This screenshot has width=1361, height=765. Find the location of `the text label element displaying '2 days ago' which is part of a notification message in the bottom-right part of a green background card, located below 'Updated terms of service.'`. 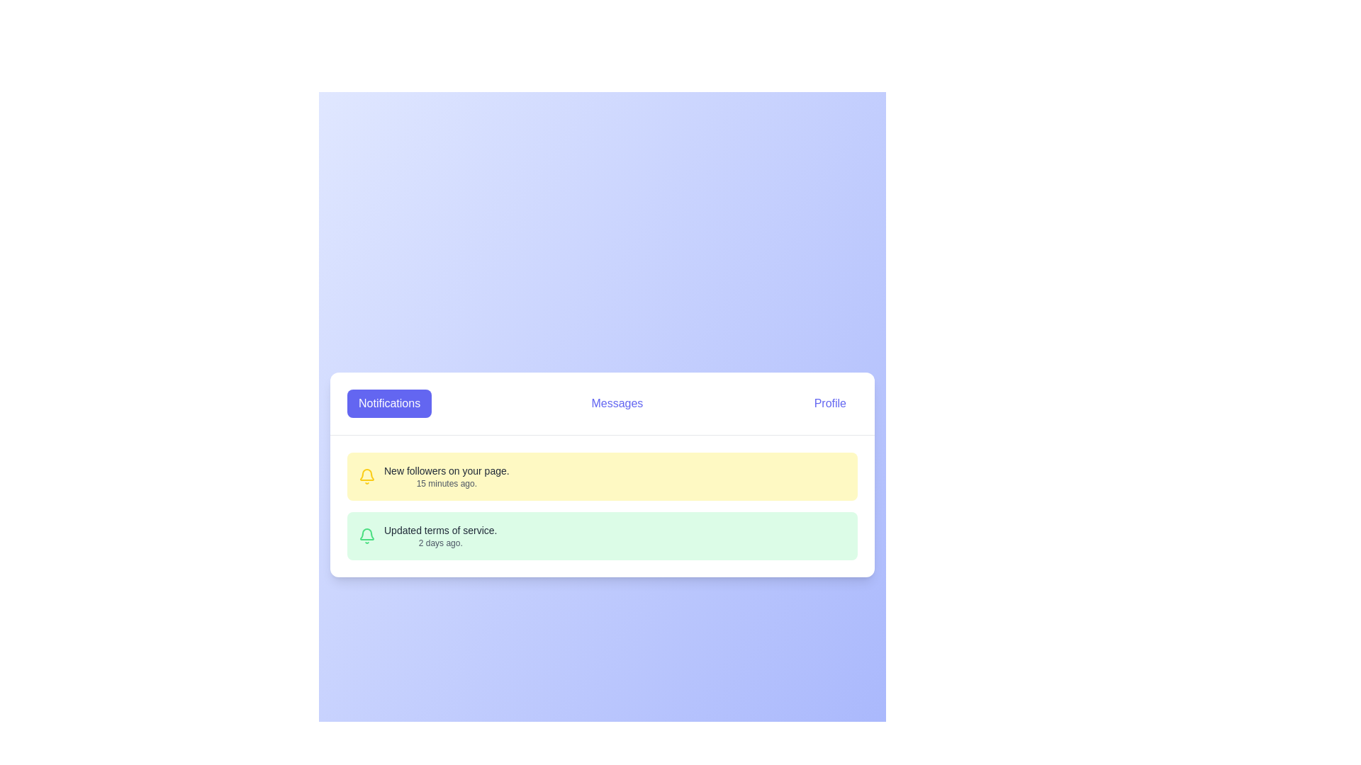

the text label element displaying '2 days ago' which is part of a notification message in the bottom-right part of a green background card, located below 'Updated terms of service.' is located at coordinates (439, 542).